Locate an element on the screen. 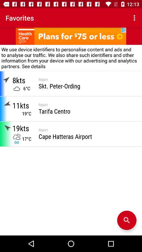 The width and height of the screenshot is (142, 252). advertisement link is located at coordinates (71, 36).